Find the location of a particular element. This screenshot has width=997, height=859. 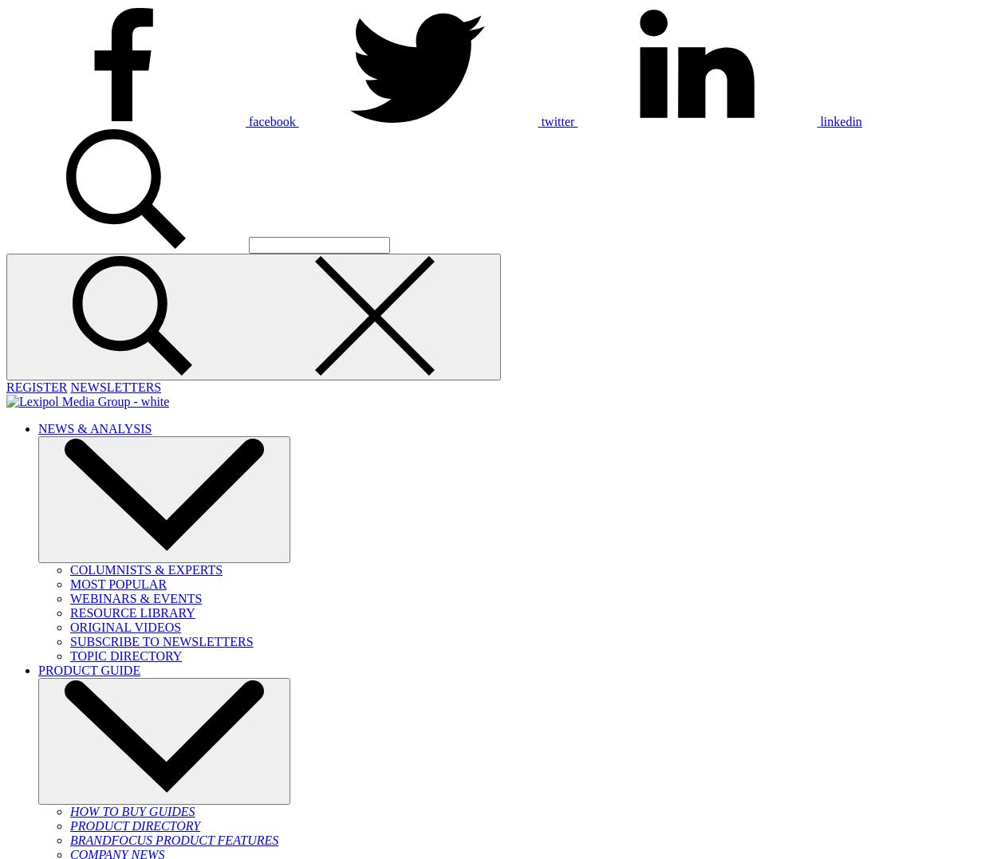

'BRANDFOCUS PRODUCT FEATURES' is located at coordinates (173, 840).